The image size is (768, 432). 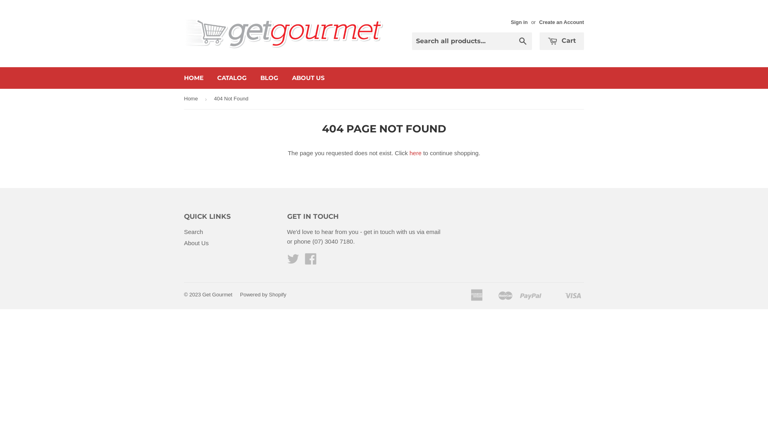 What do you see at coordinates (217, 294) in the screenshot?
I see `'Get Gourmet'` at bounding box center [217, 294].